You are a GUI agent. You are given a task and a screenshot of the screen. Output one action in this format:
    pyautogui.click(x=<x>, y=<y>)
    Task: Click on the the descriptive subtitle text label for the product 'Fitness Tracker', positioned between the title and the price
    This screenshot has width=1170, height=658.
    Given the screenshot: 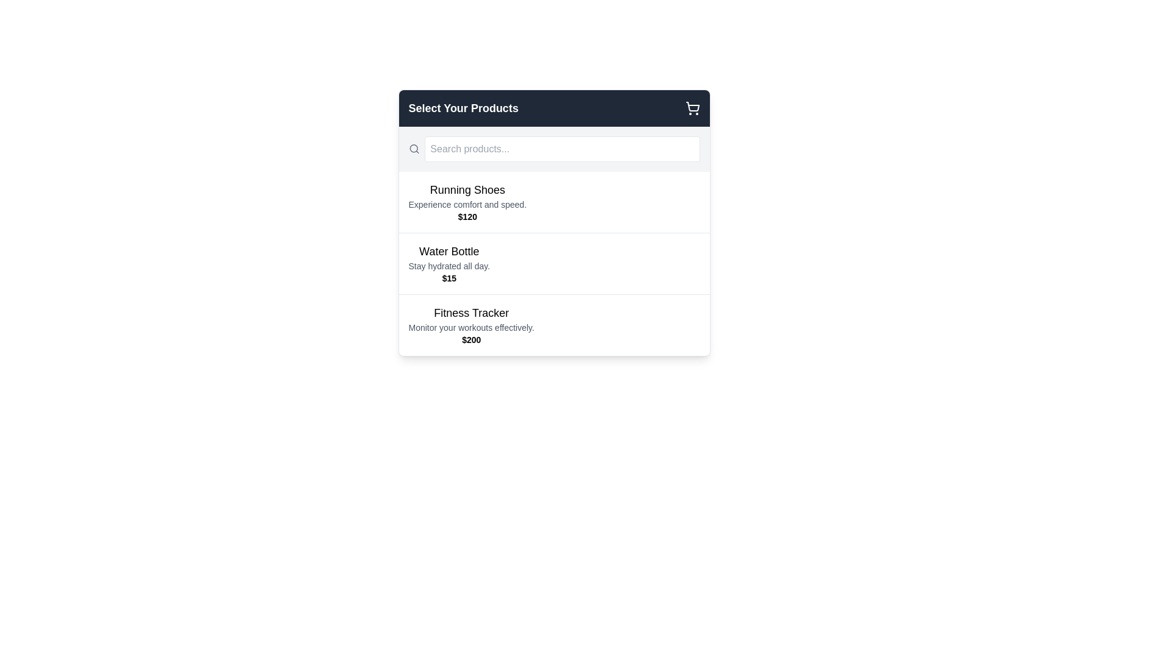 What is the action you would take?
    pyautogui.click(x=470, y=327)
    